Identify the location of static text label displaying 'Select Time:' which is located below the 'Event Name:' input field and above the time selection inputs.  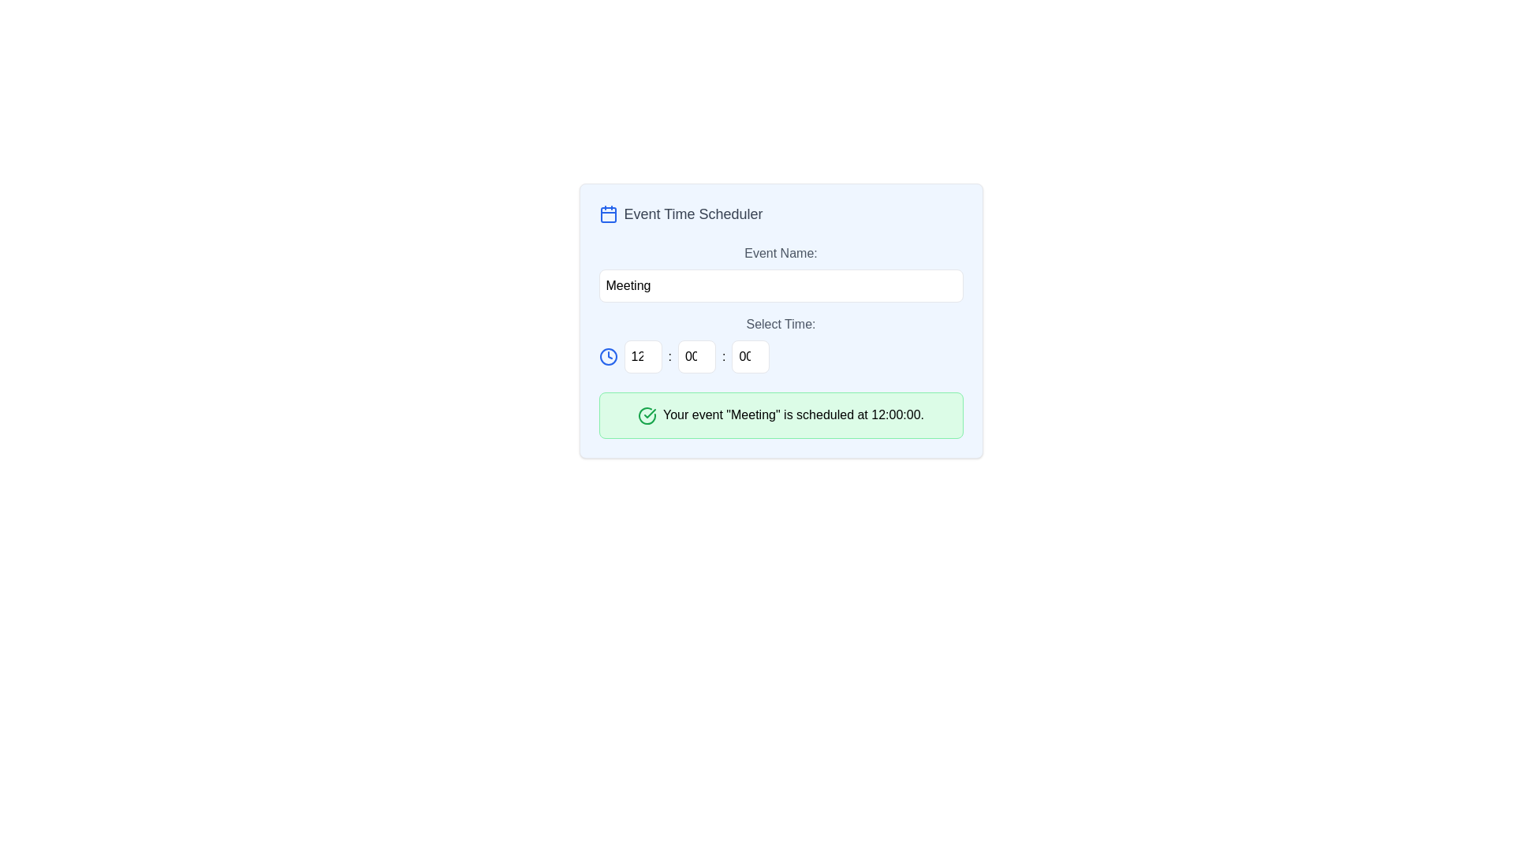
(781, 324).